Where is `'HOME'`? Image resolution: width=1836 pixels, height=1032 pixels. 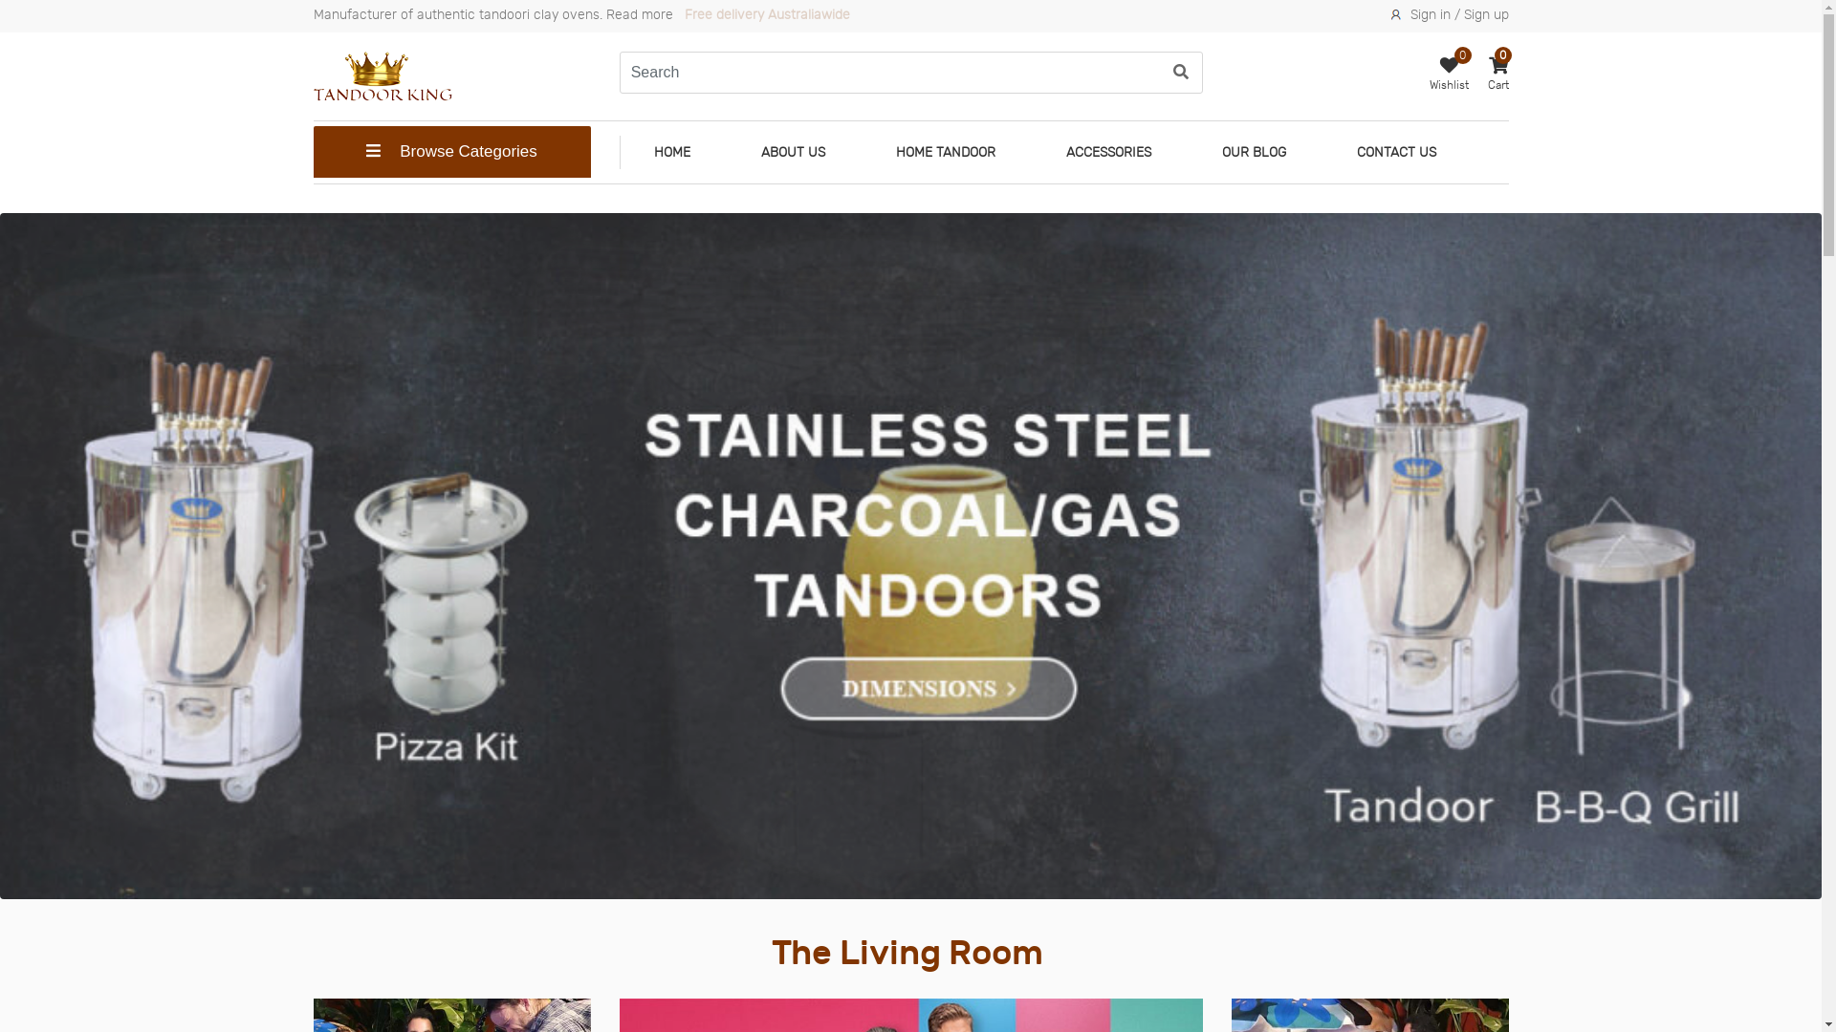 'HOME' is located at coordinates (670, 151).